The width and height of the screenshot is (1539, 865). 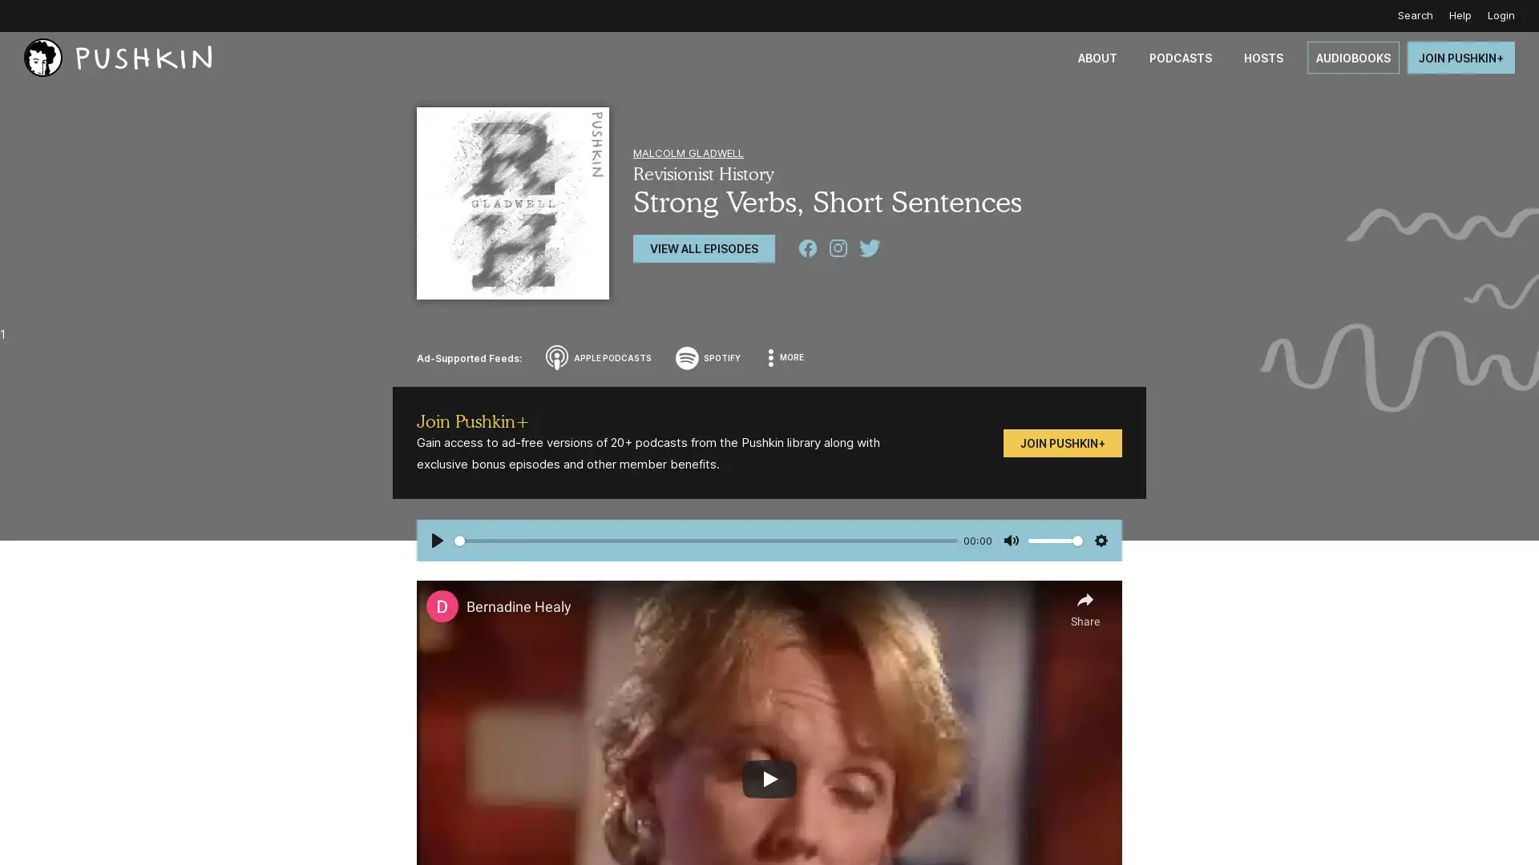 I want to click on MORE, so click(x=787, y=357).